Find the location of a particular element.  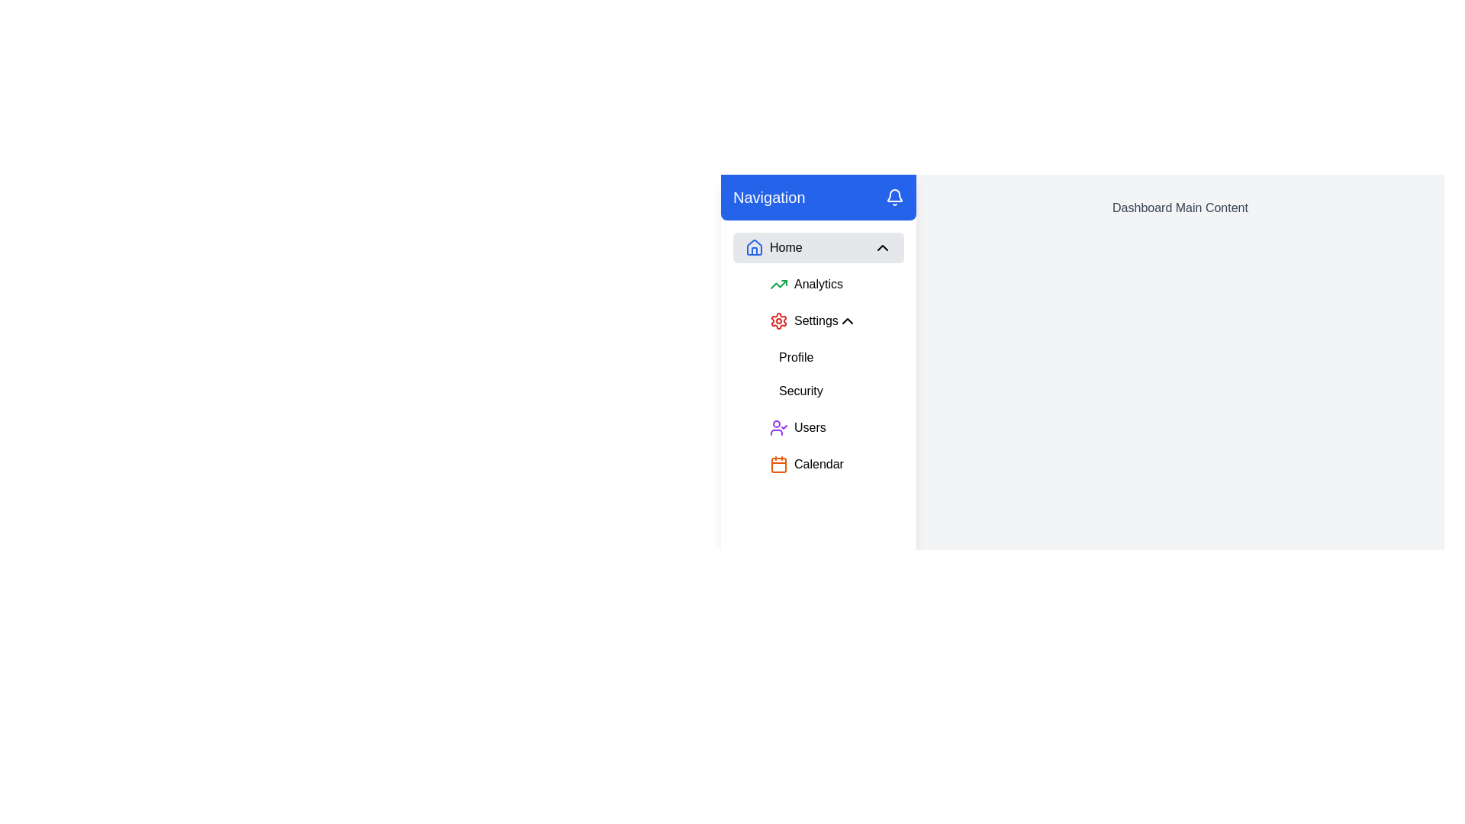

the chevron icon located on the right side of the 'Home' menu item is located at coordinates (882, 246).